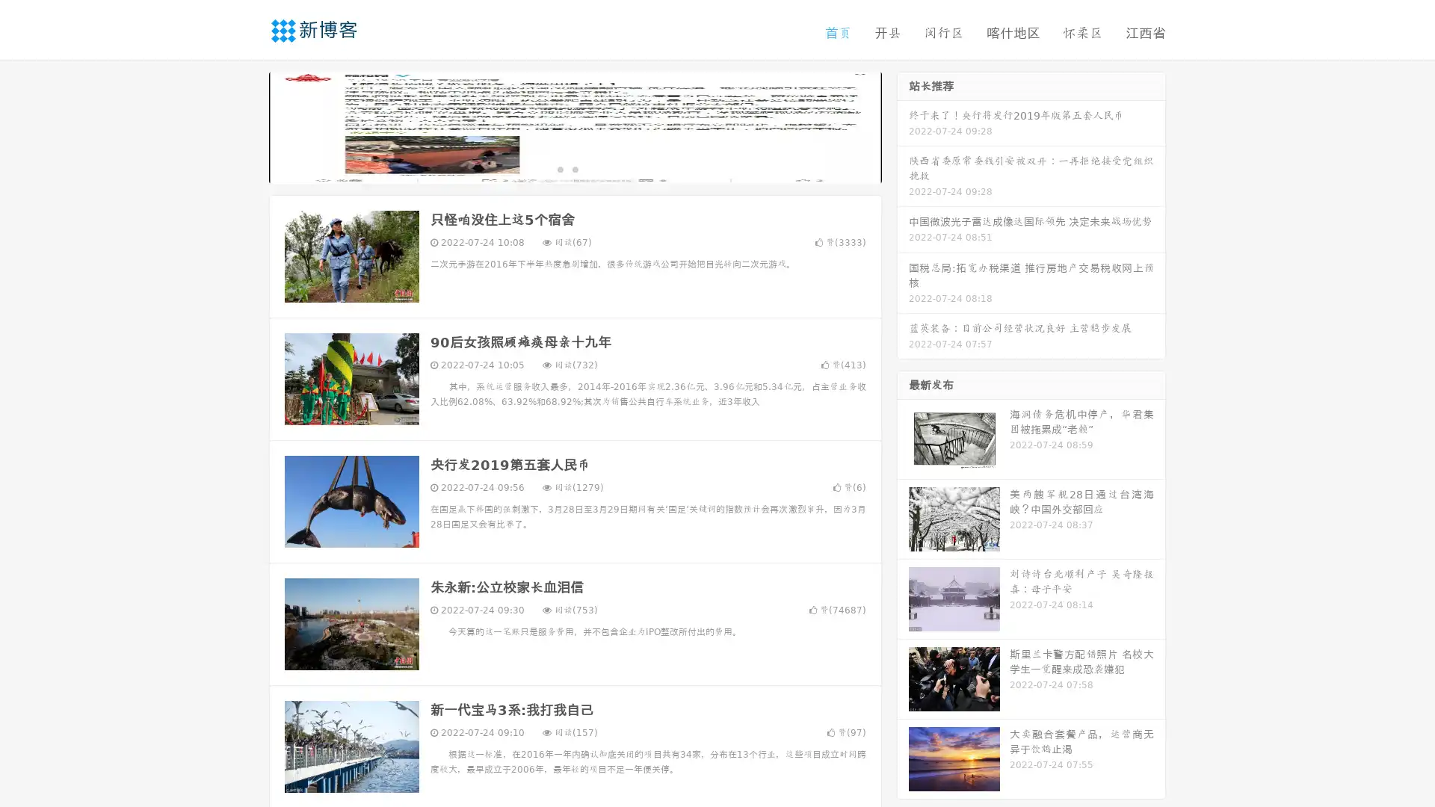  What do you see at coordinates (247, 126) in the screenshot?
I see `Previous slide` at bounding box center [247, 126].